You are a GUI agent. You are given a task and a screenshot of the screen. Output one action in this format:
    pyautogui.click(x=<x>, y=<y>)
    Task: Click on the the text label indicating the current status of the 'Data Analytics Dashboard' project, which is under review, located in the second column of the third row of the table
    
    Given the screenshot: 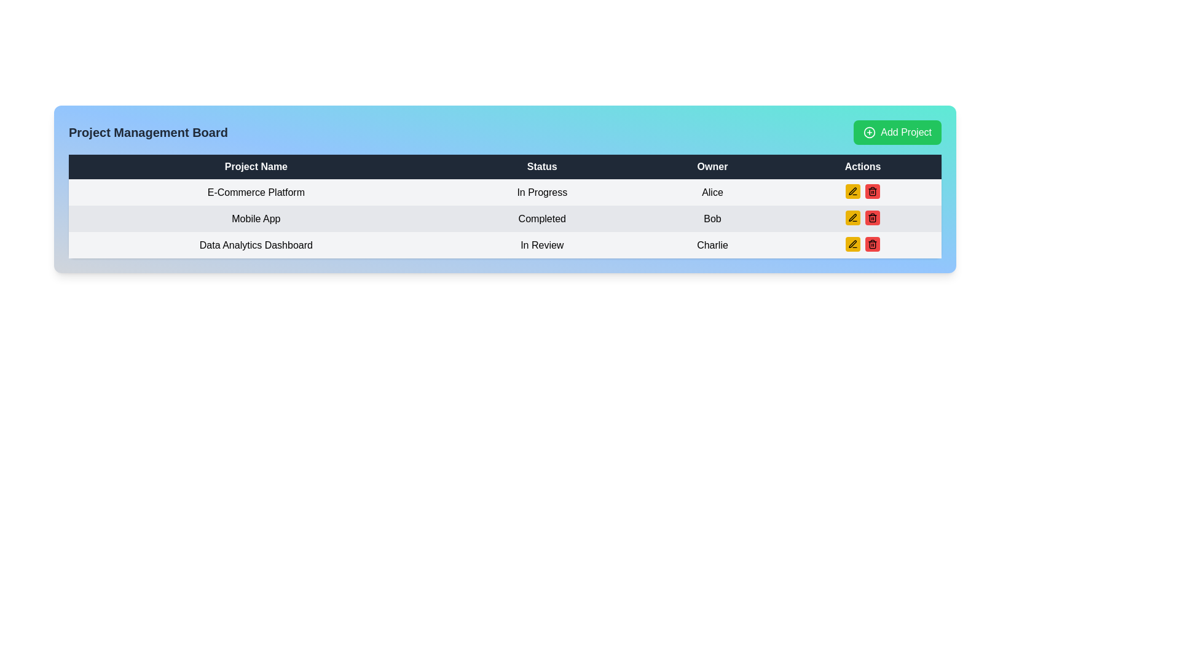 What is the action you would take?
    pyautogui.click(x=541, y=245)
    